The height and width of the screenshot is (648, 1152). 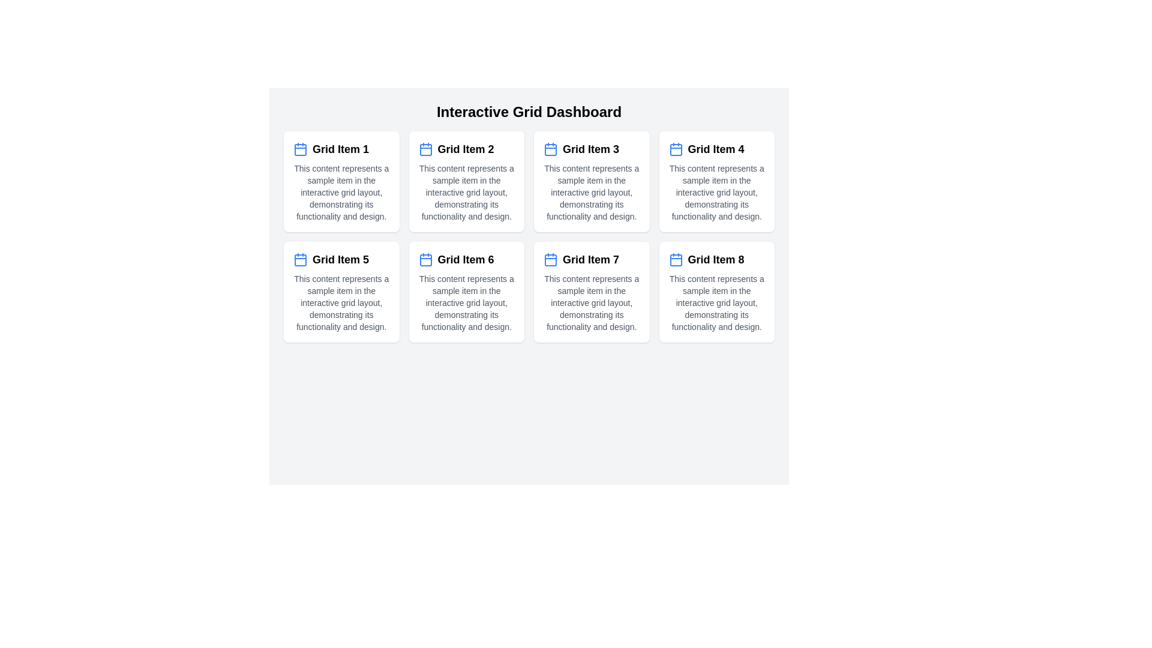 What do you see at coordinates (340, 259) in the screenshot?
I see `text from the Text Label displaying 'Grid Item 5', which is styled in bold and larger size, located in the first position of the second row of a grid layout` at bounding box center [340, 259].